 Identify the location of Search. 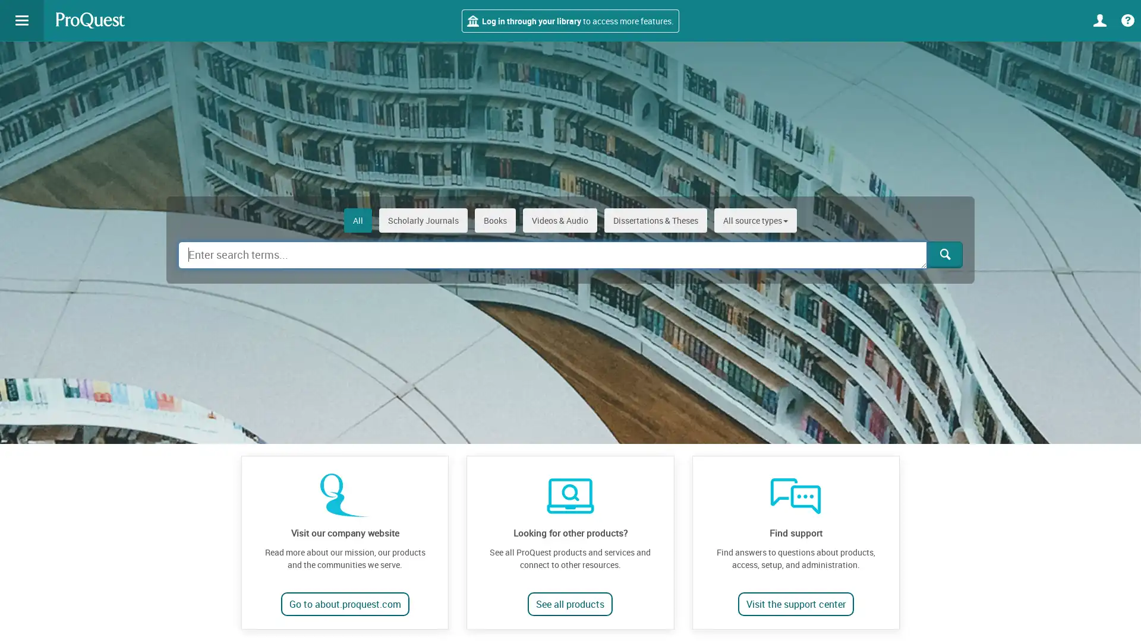
(944, 253).